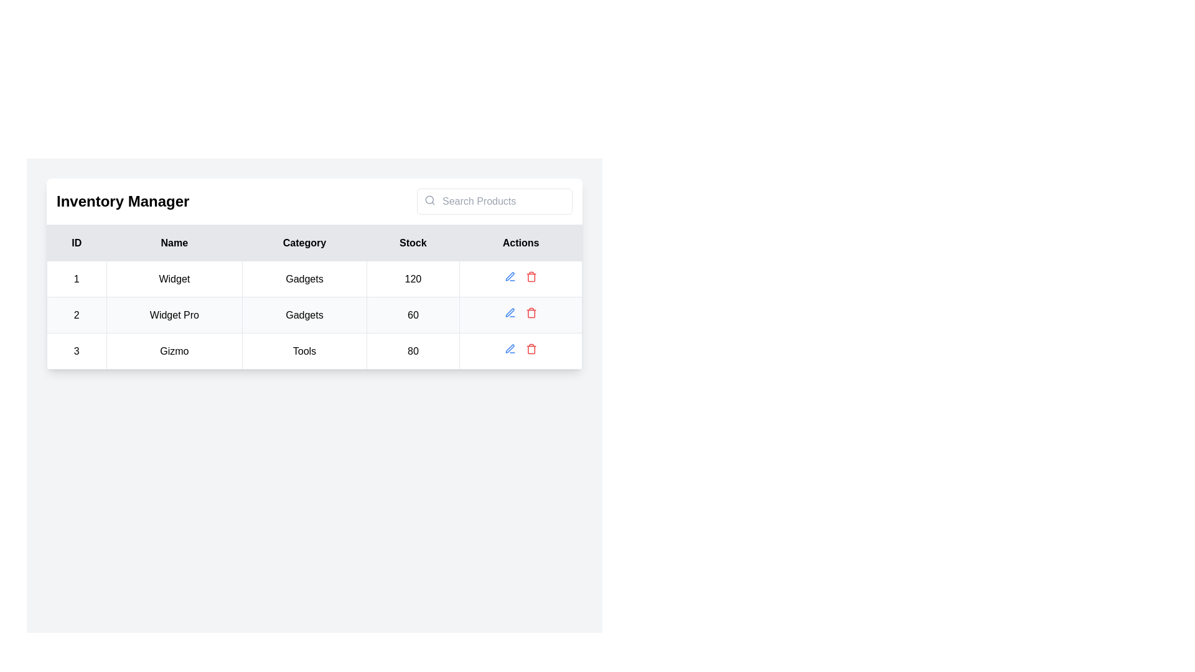 This screenshot has height=672, width=1195. Describe the element at coordinates (76, 351) in the screenshot. I see `the text element` at that location.